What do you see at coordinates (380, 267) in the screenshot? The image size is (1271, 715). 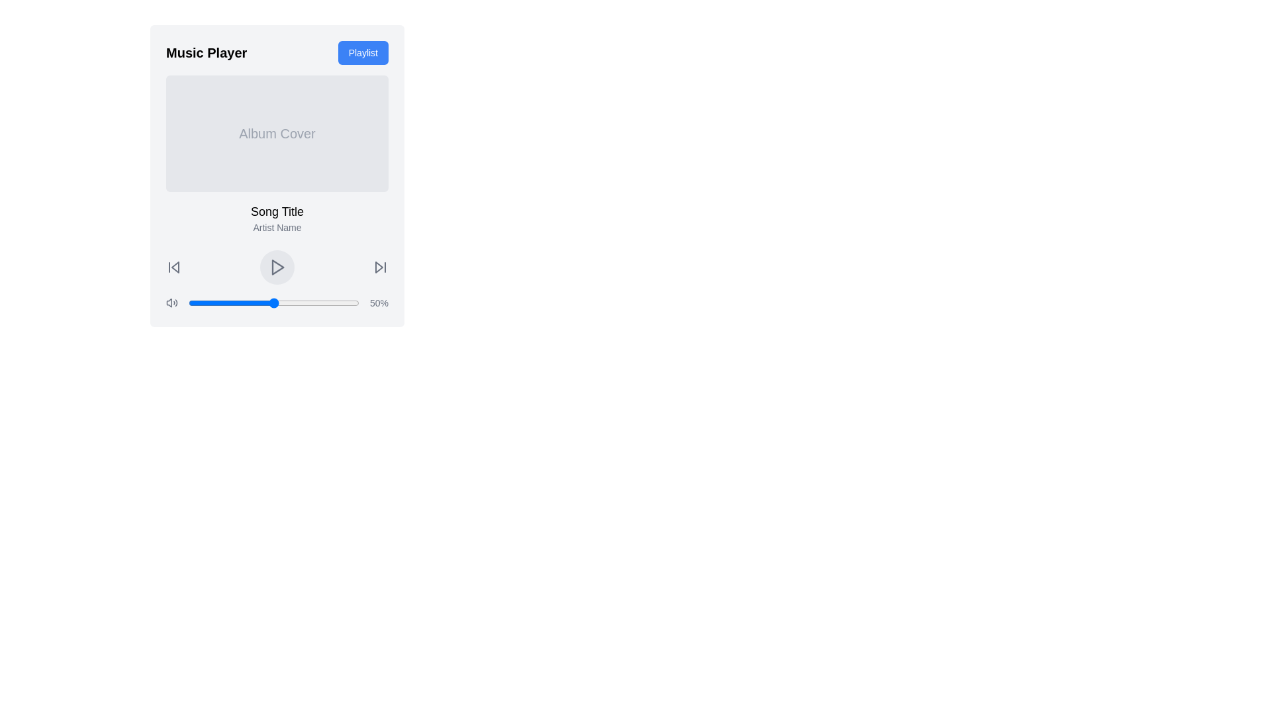 I see `the skip-forward button located` at bounding box center [380, 267].